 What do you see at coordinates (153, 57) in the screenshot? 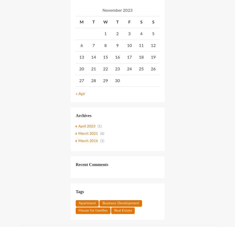
I see `'19'` at bounding box center [153, 57].